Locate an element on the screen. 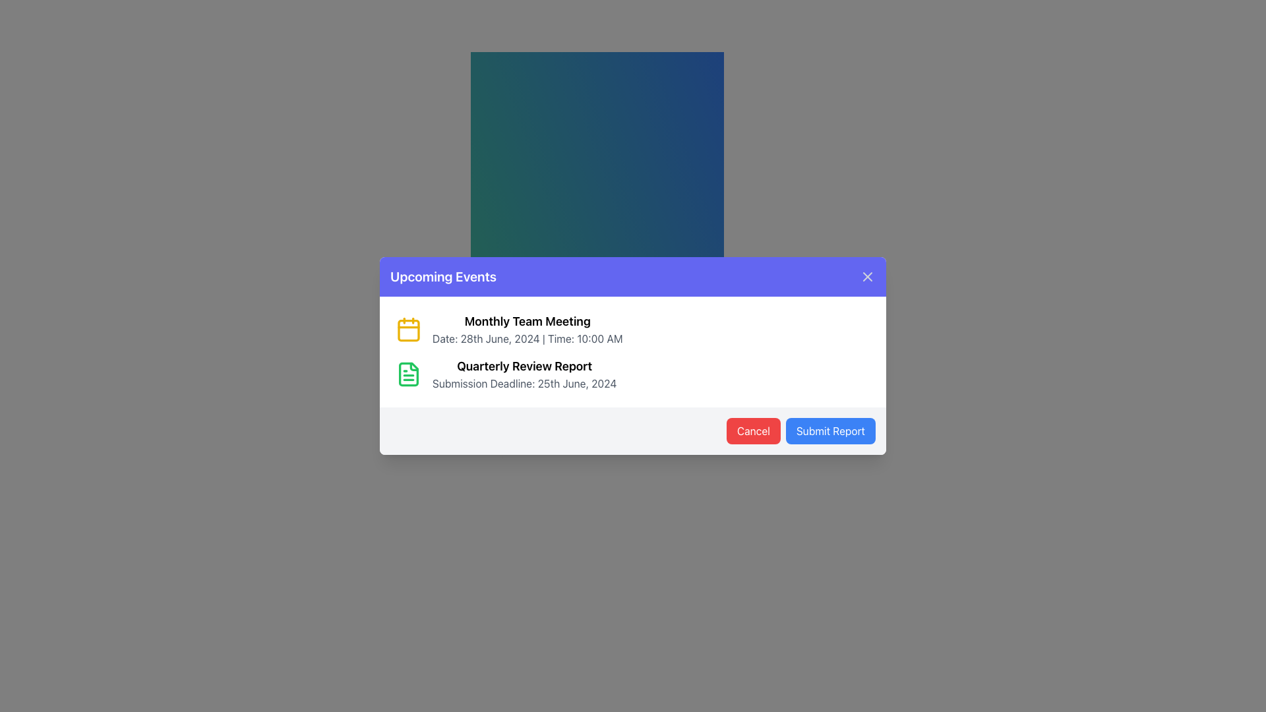  the informational text label that indicates the scheduled date and time for the Monthly Team Meeting, which is located below the 'Monthly Team Meeting' text is located at coordinates (527, 338).